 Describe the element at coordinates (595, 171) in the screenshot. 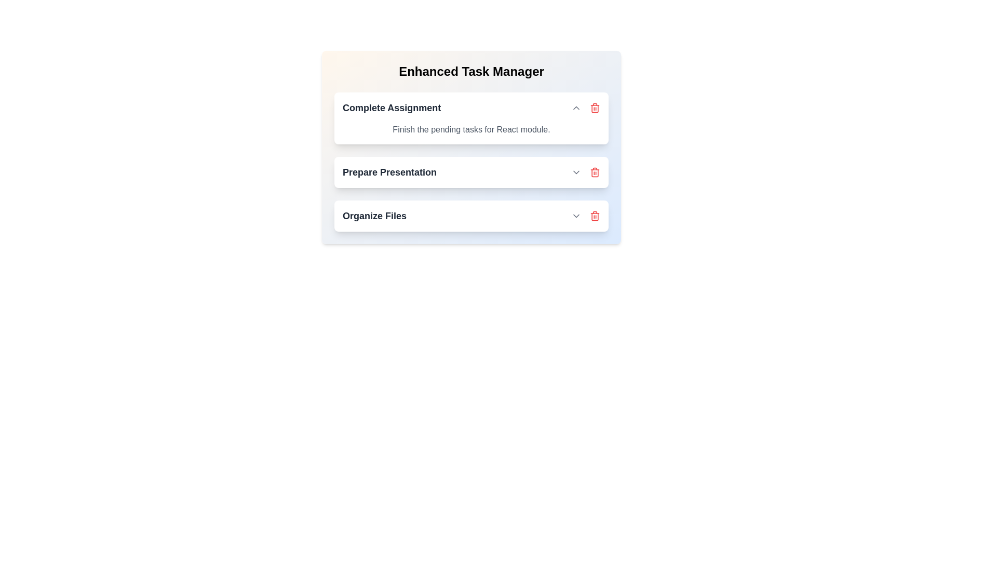

I see `the task titled Prepare Presentation` at that location.